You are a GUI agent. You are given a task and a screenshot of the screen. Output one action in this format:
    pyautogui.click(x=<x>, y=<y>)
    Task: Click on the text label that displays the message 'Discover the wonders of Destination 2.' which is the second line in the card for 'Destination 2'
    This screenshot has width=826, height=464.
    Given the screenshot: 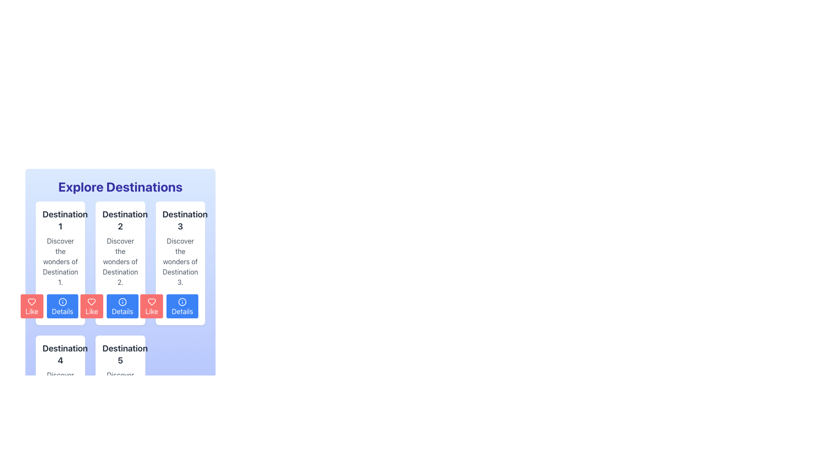 What is the action you would take?
    pyautogui.click(x=120, y=261)
    